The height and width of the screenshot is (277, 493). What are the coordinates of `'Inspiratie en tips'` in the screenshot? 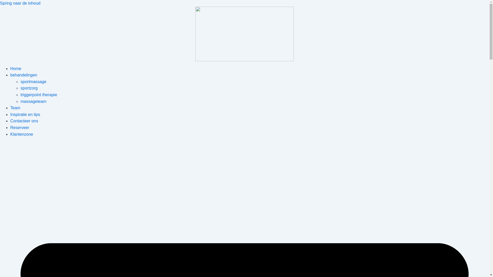 It's located at (25, 114).